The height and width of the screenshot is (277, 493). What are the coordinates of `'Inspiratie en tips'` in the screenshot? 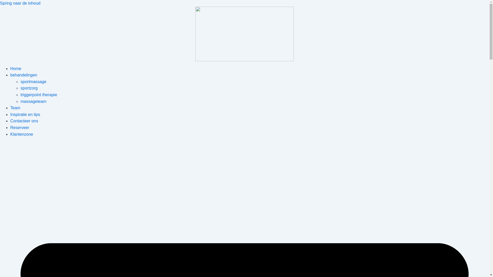 It's located at (25, 114).